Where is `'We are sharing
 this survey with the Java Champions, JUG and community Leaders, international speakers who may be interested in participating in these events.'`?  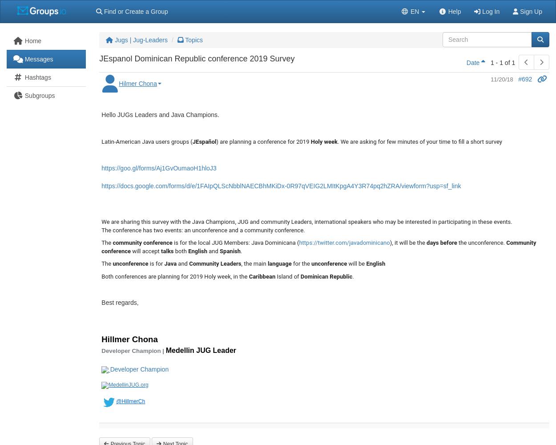 'We are sharing
 this survey with the Java Champions, JUG and community Leaders, international speakers who may be interested in participating in these events.' is located at coordinates (306, 221).